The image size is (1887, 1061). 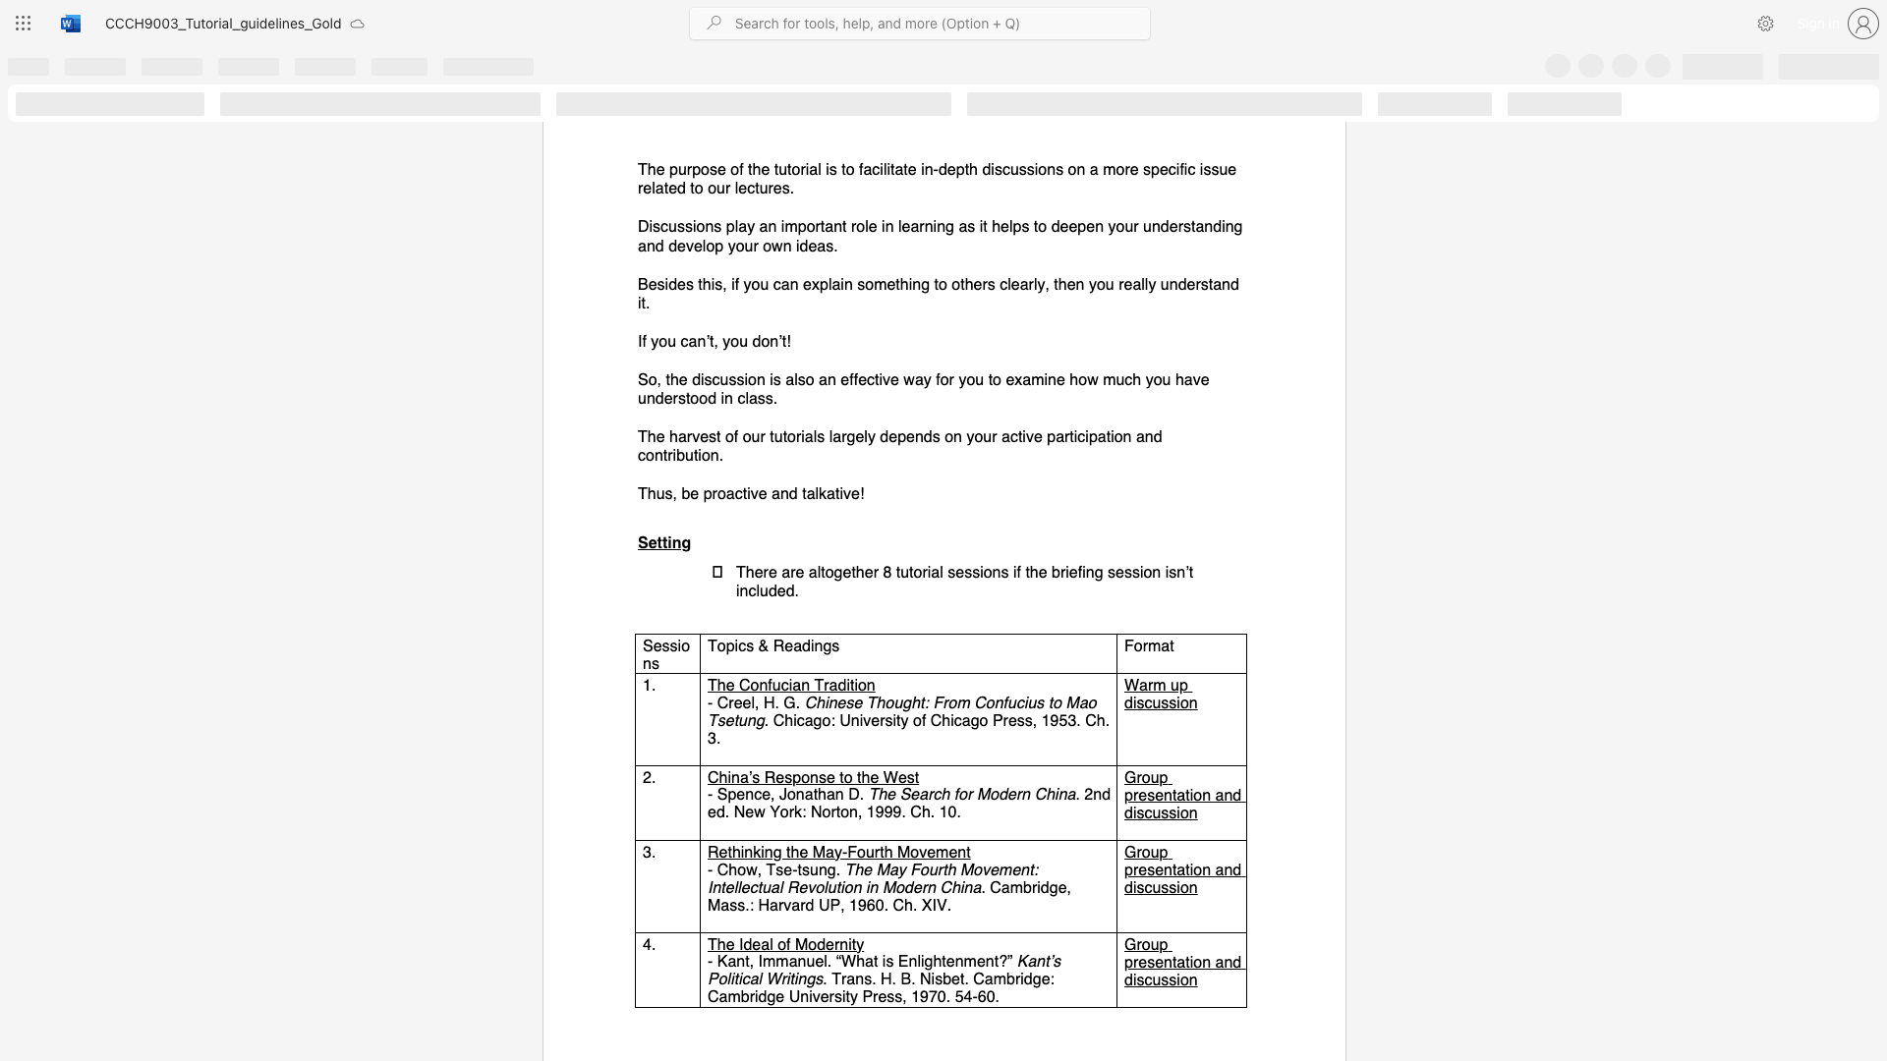 What do you see at coordinates (1004, 701) in the screenshot?
I see `the 1th character "f" in the text` at bounding box center [1004, 701].